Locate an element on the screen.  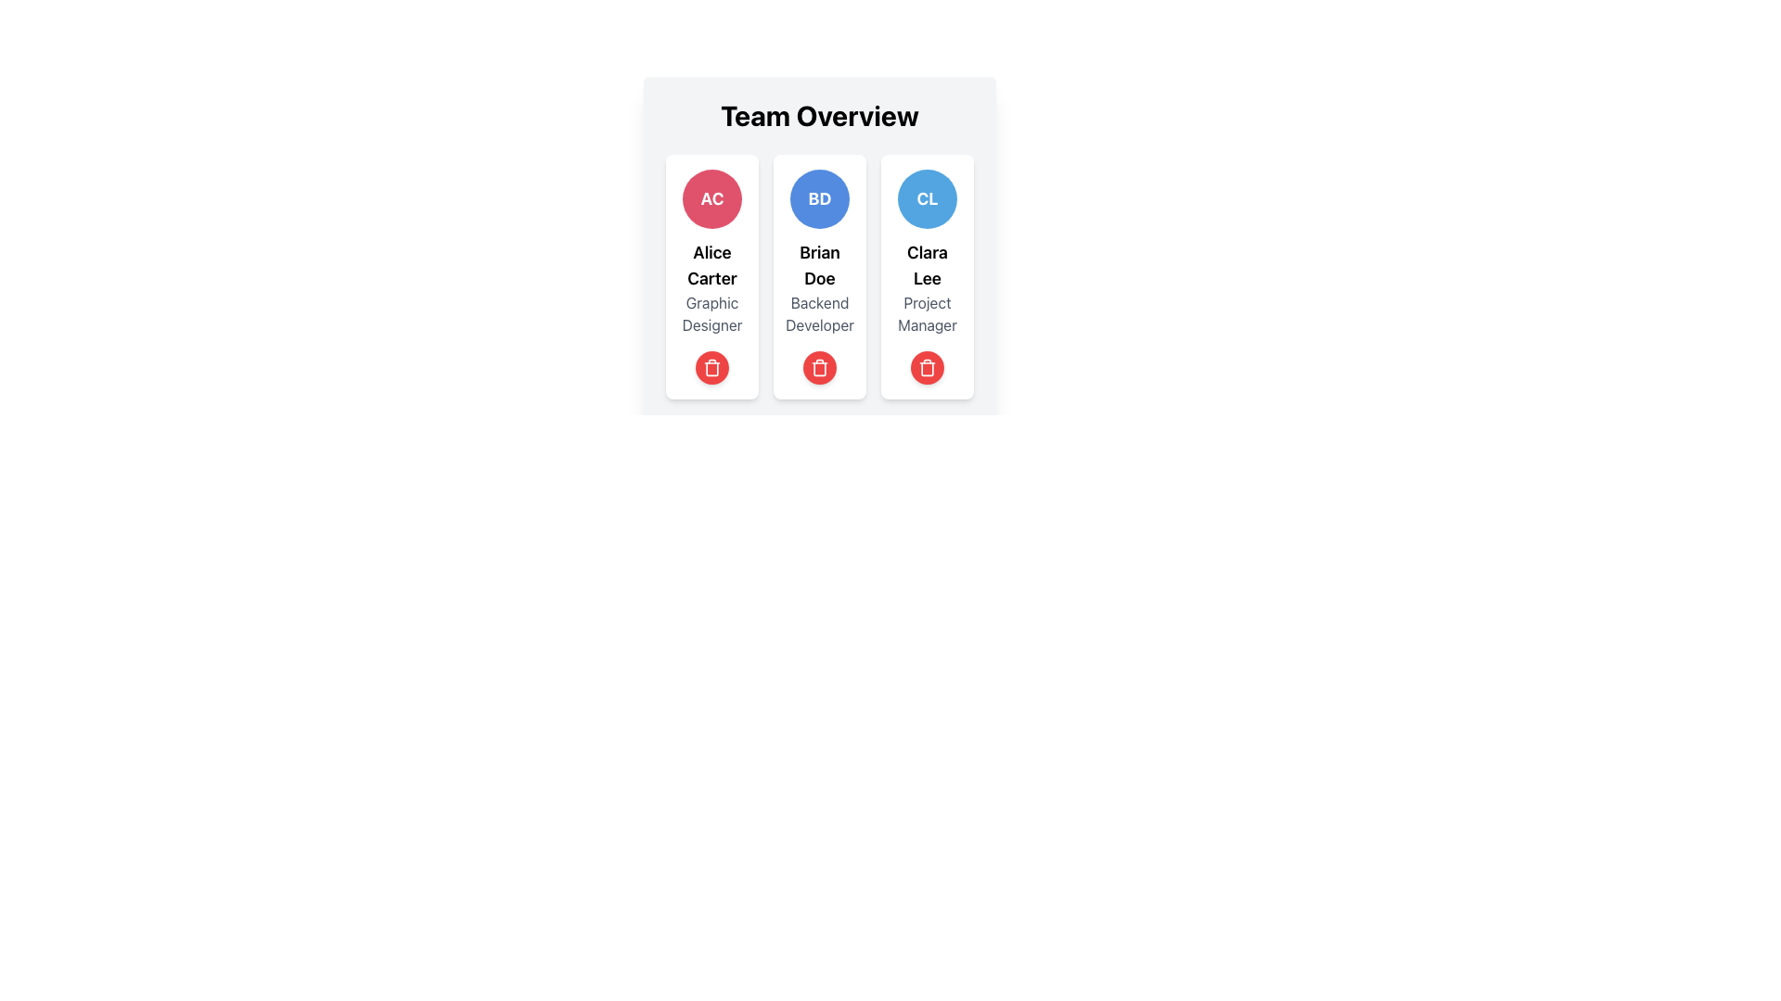
the Avatar or Badge representing the user, identified by the initials 'BD', located at the top-center of the 'Brian Doe' profile card is located at coordinates (818, 199).